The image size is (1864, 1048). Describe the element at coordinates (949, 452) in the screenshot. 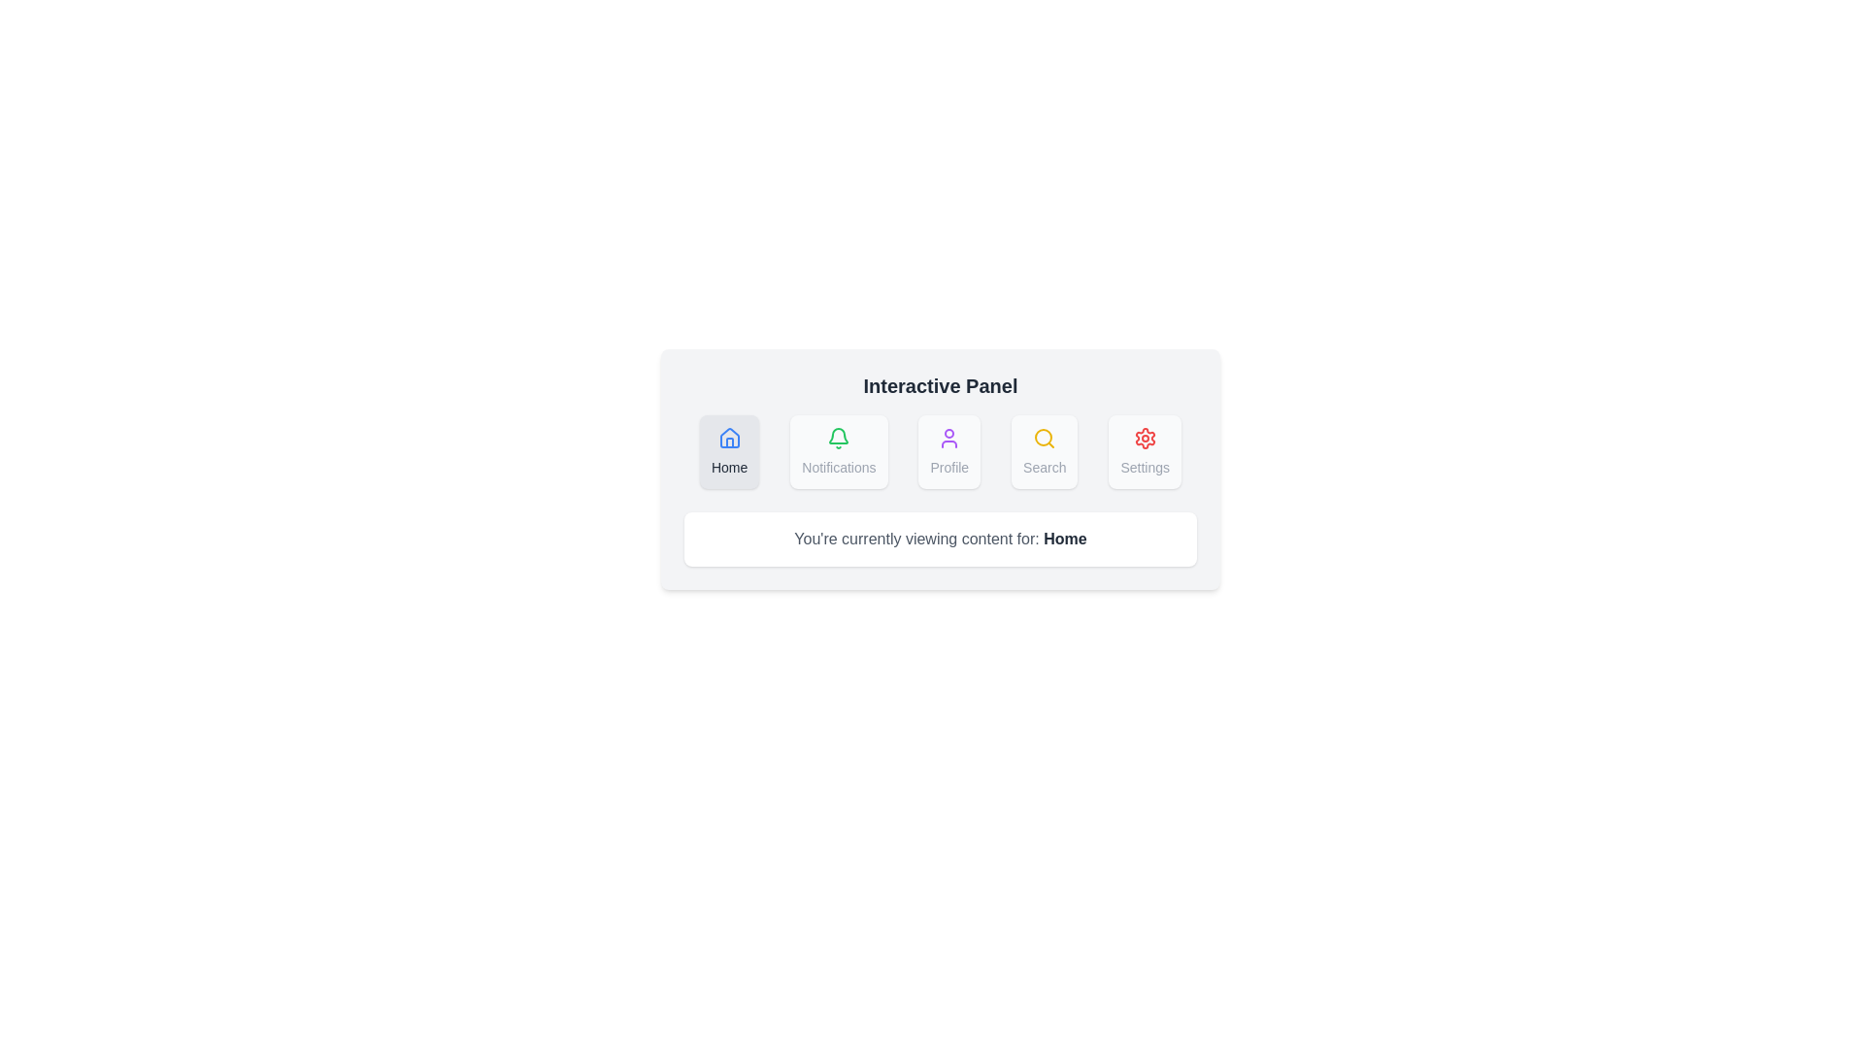

I see `the 'Profile' button, which is a rectangular button with rounded corners, a light gray background, and a purple user icon above the text 'Profile'` at that location.